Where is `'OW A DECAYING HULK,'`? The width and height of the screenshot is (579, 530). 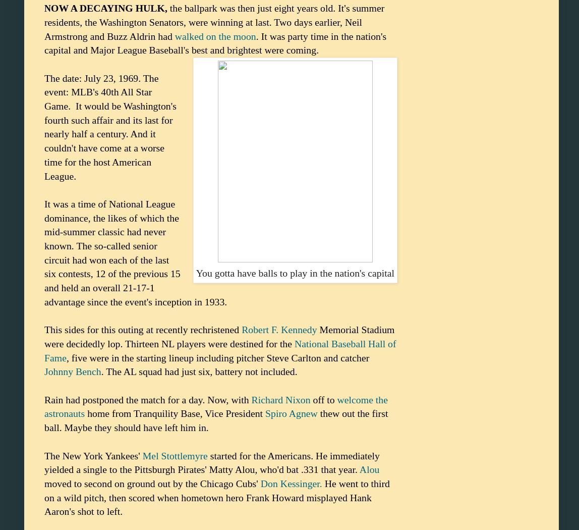 'OW A DECAYING HULK,' is located at coordinates (109, 8).